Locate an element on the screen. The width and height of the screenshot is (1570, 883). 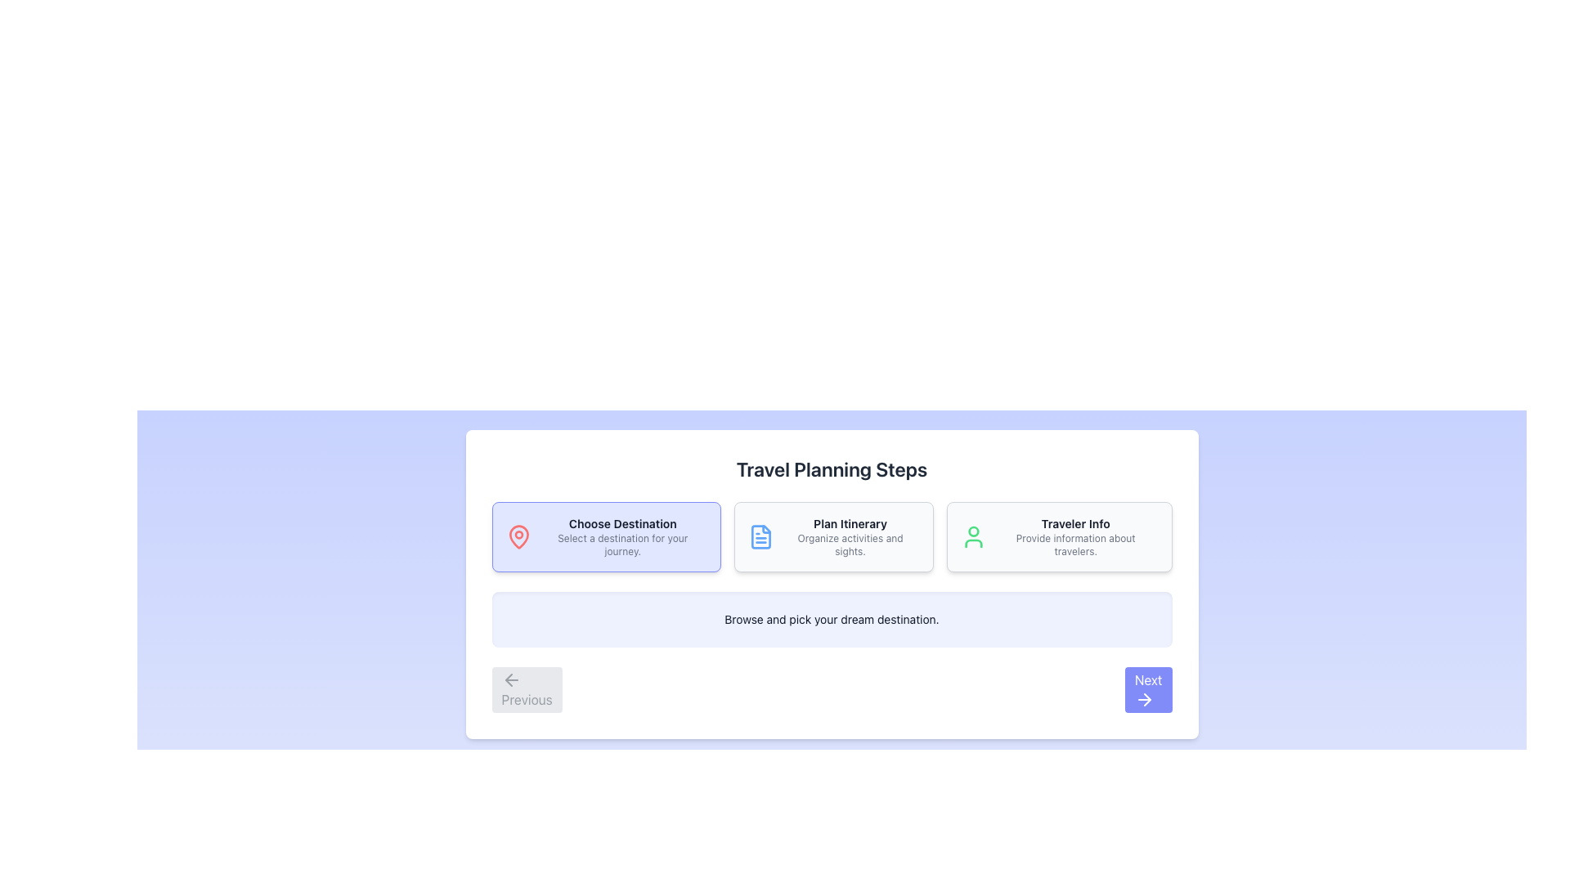
the Static Text element that serves as a descriptive label for the 'Traveler Info' section, located directly below the heading in the rightmost section of the layout is located at coordinates (1075, 545).